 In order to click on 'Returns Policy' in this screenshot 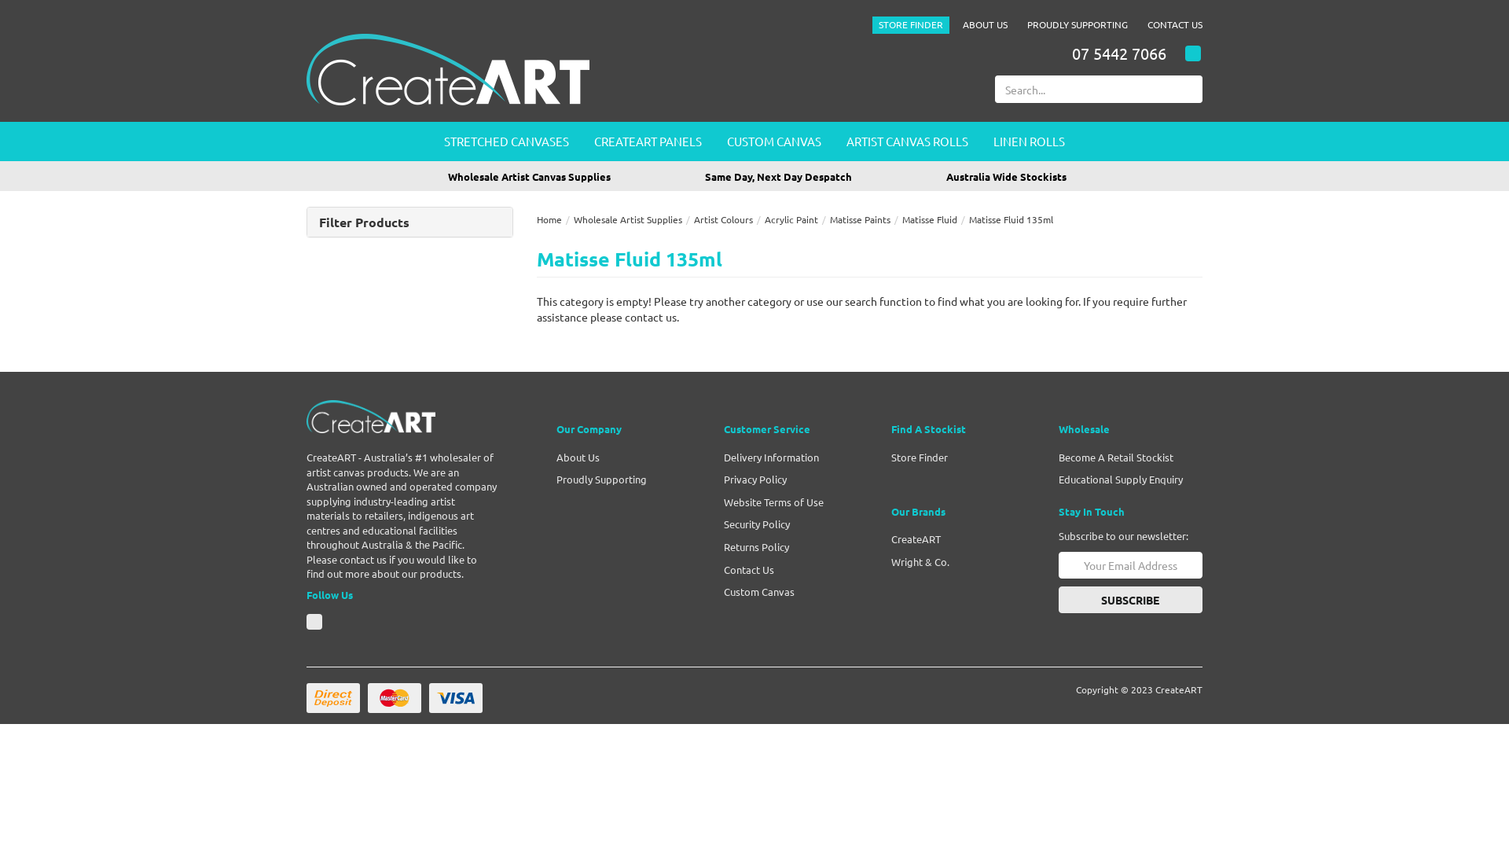, I will do `click(789, 546)`.